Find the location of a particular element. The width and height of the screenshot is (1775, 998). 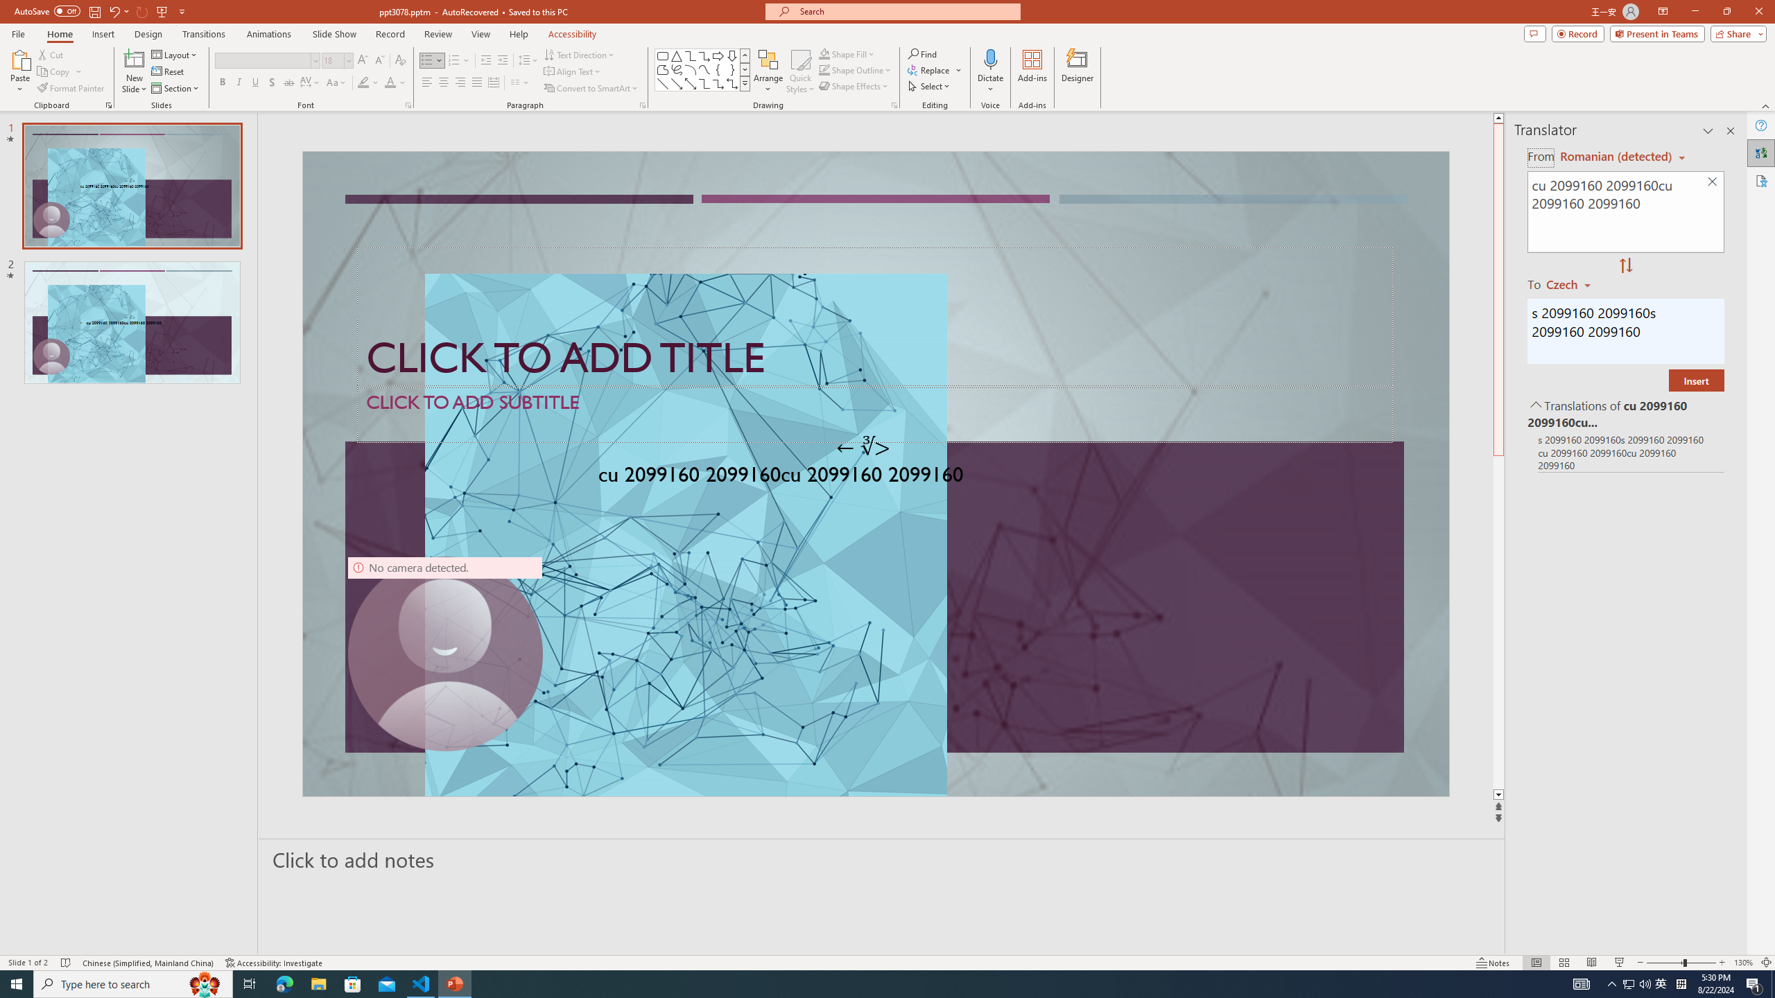

'Czech' is located at coordinates (1574, 283).